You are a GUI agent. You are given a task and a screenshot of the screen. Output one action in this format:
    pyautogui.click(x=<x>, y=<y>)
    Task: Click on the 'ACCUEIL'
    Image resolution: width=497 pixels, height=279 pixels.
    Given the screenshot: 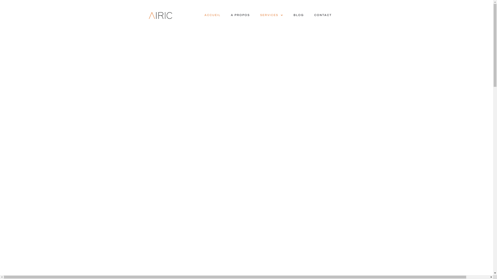 What is the action you would take?
    pyautogui.click(x=212, y=15)
    